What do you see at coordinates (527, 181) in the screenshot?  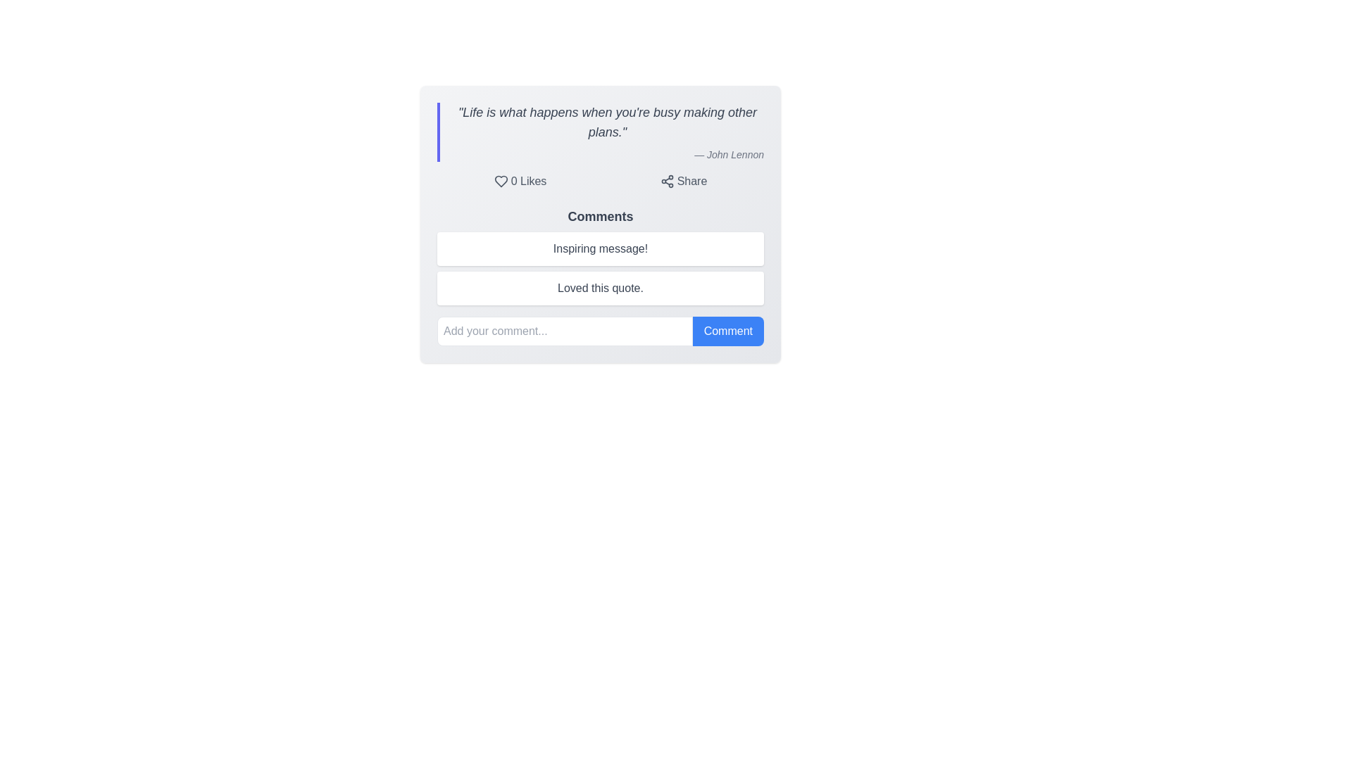 I see `the Text label displaying the current number of likes, which is adjacent to the heart-shaped icon and part of the grouping beneath the quote text` at bounding box center [527, 181].